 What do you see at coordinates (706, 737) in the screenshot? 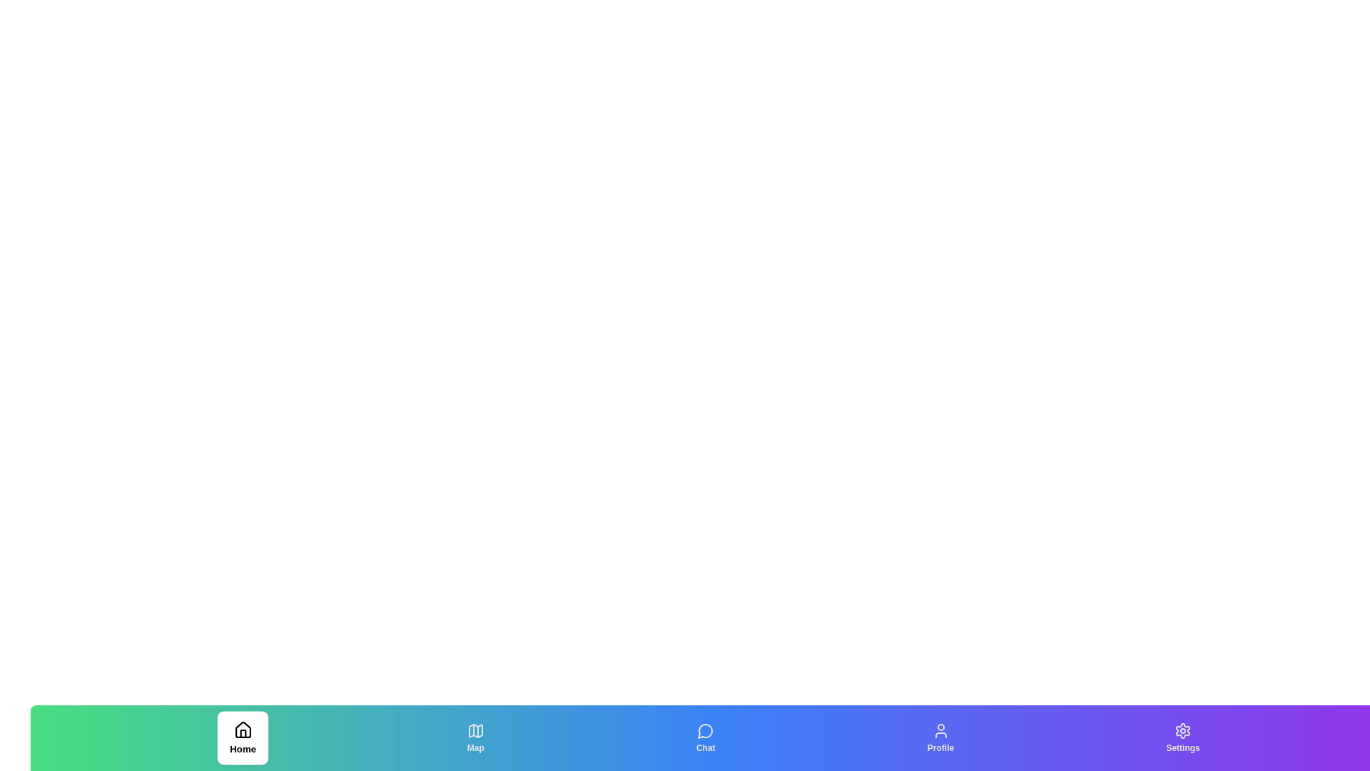
I see `the Chat tab to observe the hover effect` at bounding box center [706, 737].